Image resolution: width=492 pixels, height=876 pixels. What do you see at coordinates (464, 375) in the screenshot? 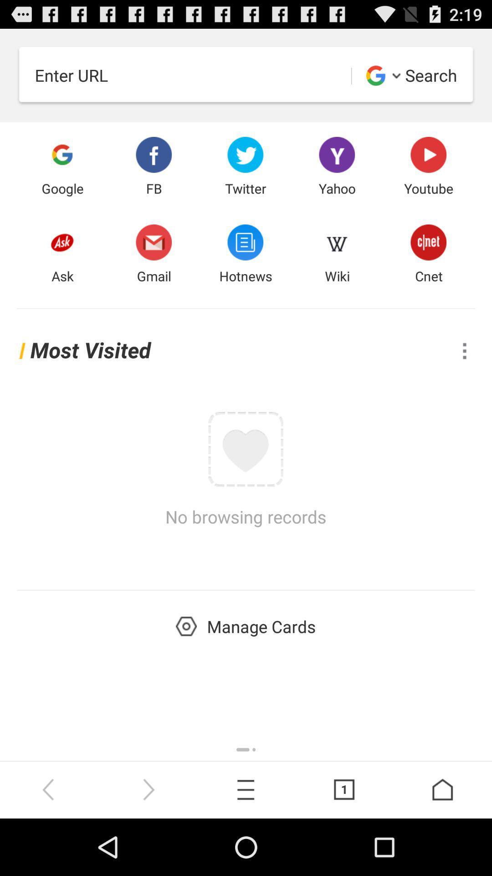
I see `the more icon` at bounding box center [464, 375].